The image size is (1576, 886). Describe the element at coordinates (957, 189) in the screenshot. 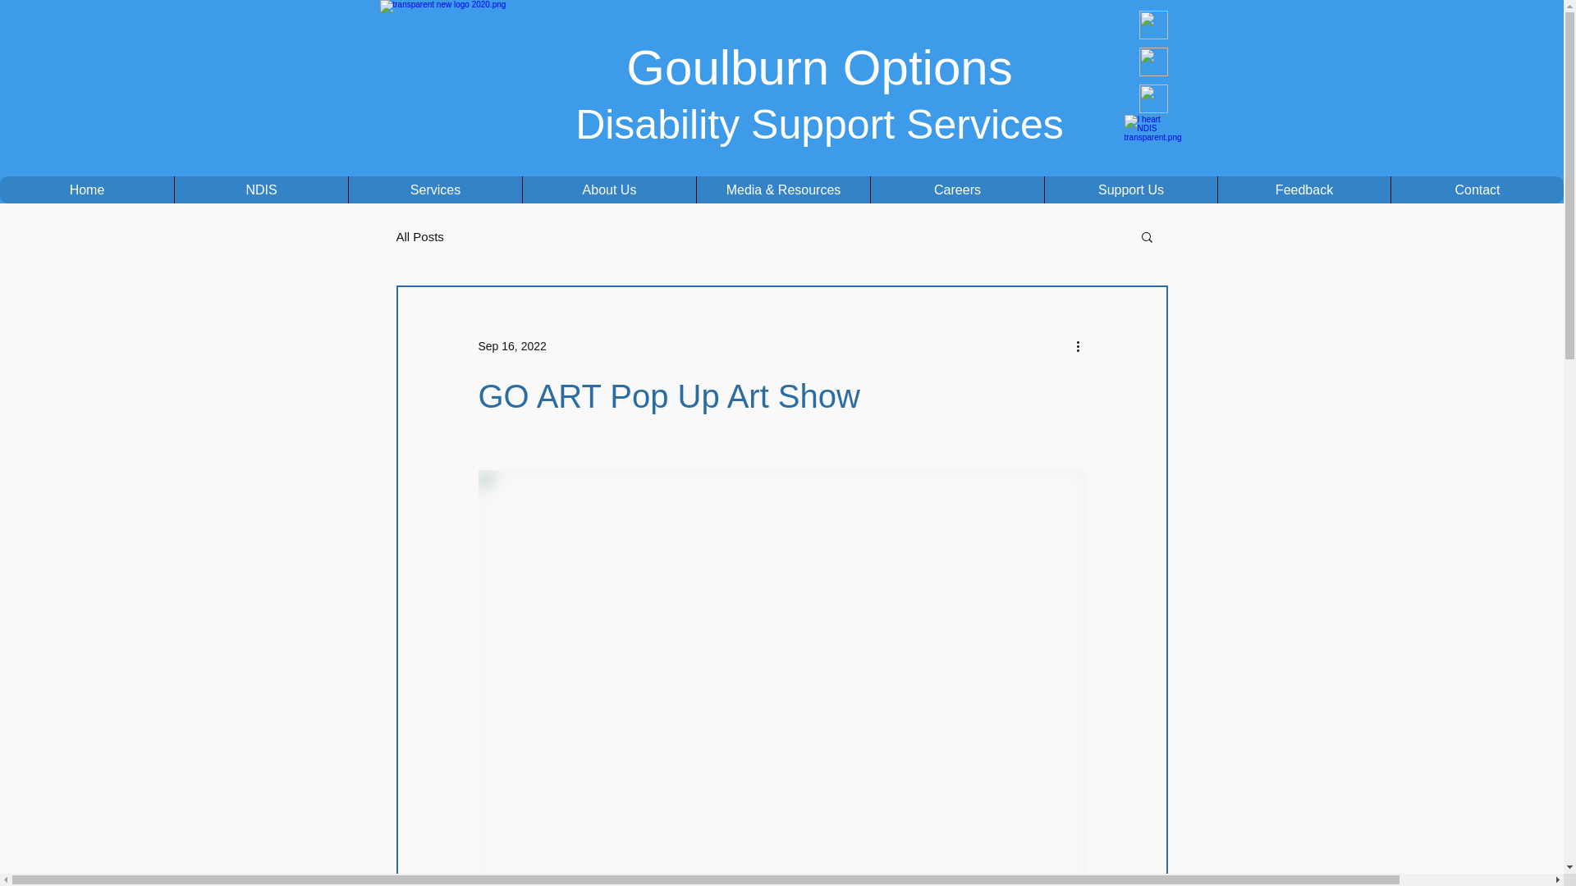

I see `'Careers'` at that location.